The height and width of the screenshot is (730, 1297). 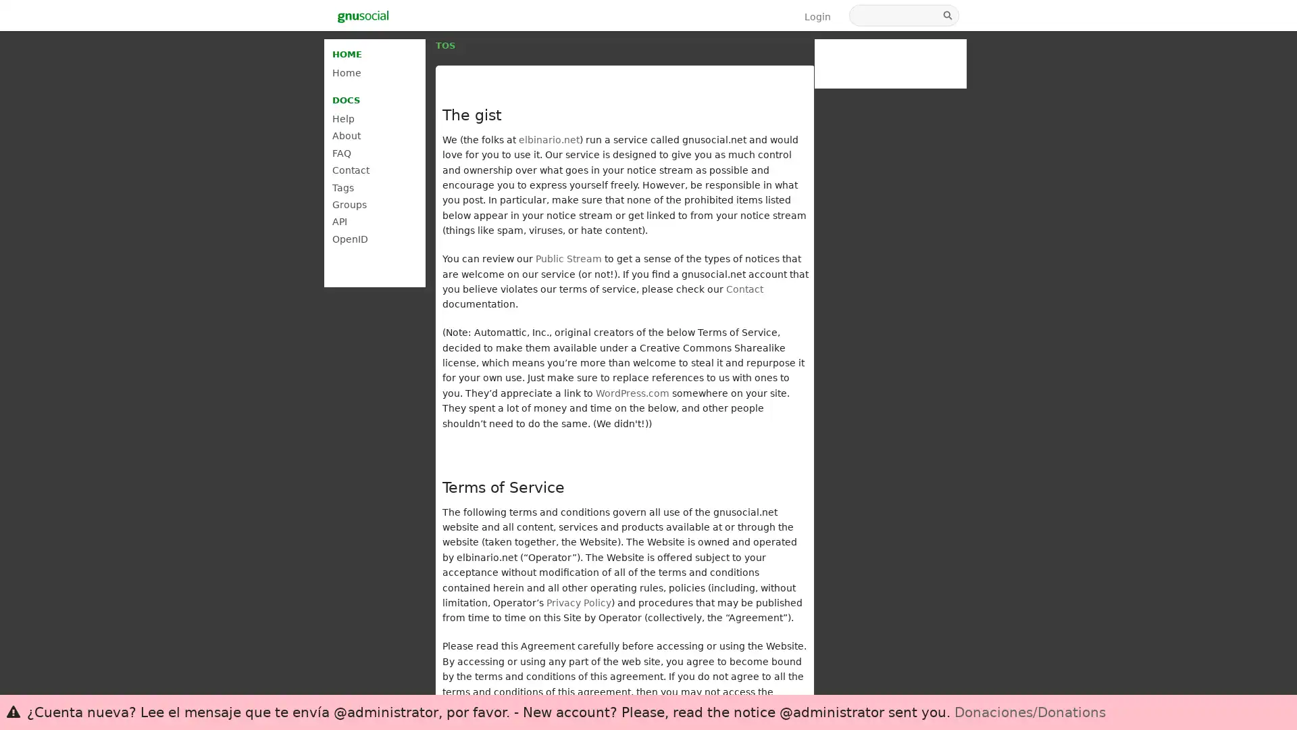 What do you see at coordinates (948, 16) in the screenshot?
I see `Search` at bounding box center [948, 16].